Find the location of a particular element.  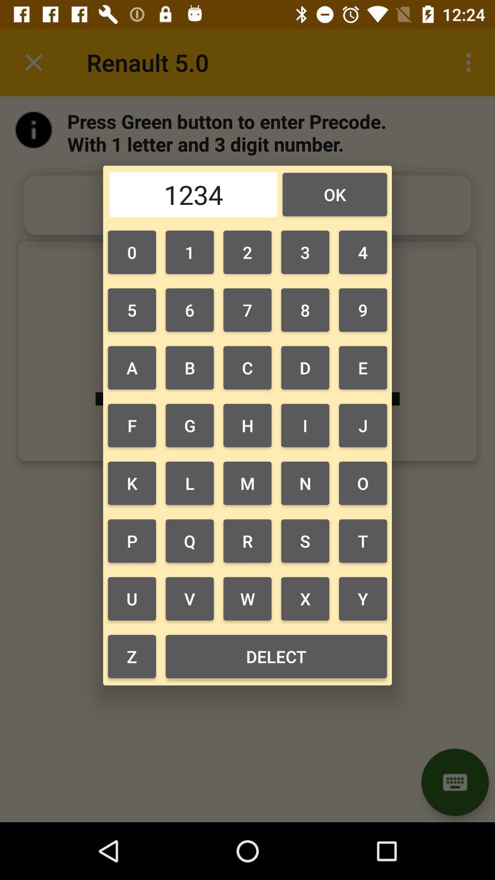

the icon below u is located at coordinates (275, 656).